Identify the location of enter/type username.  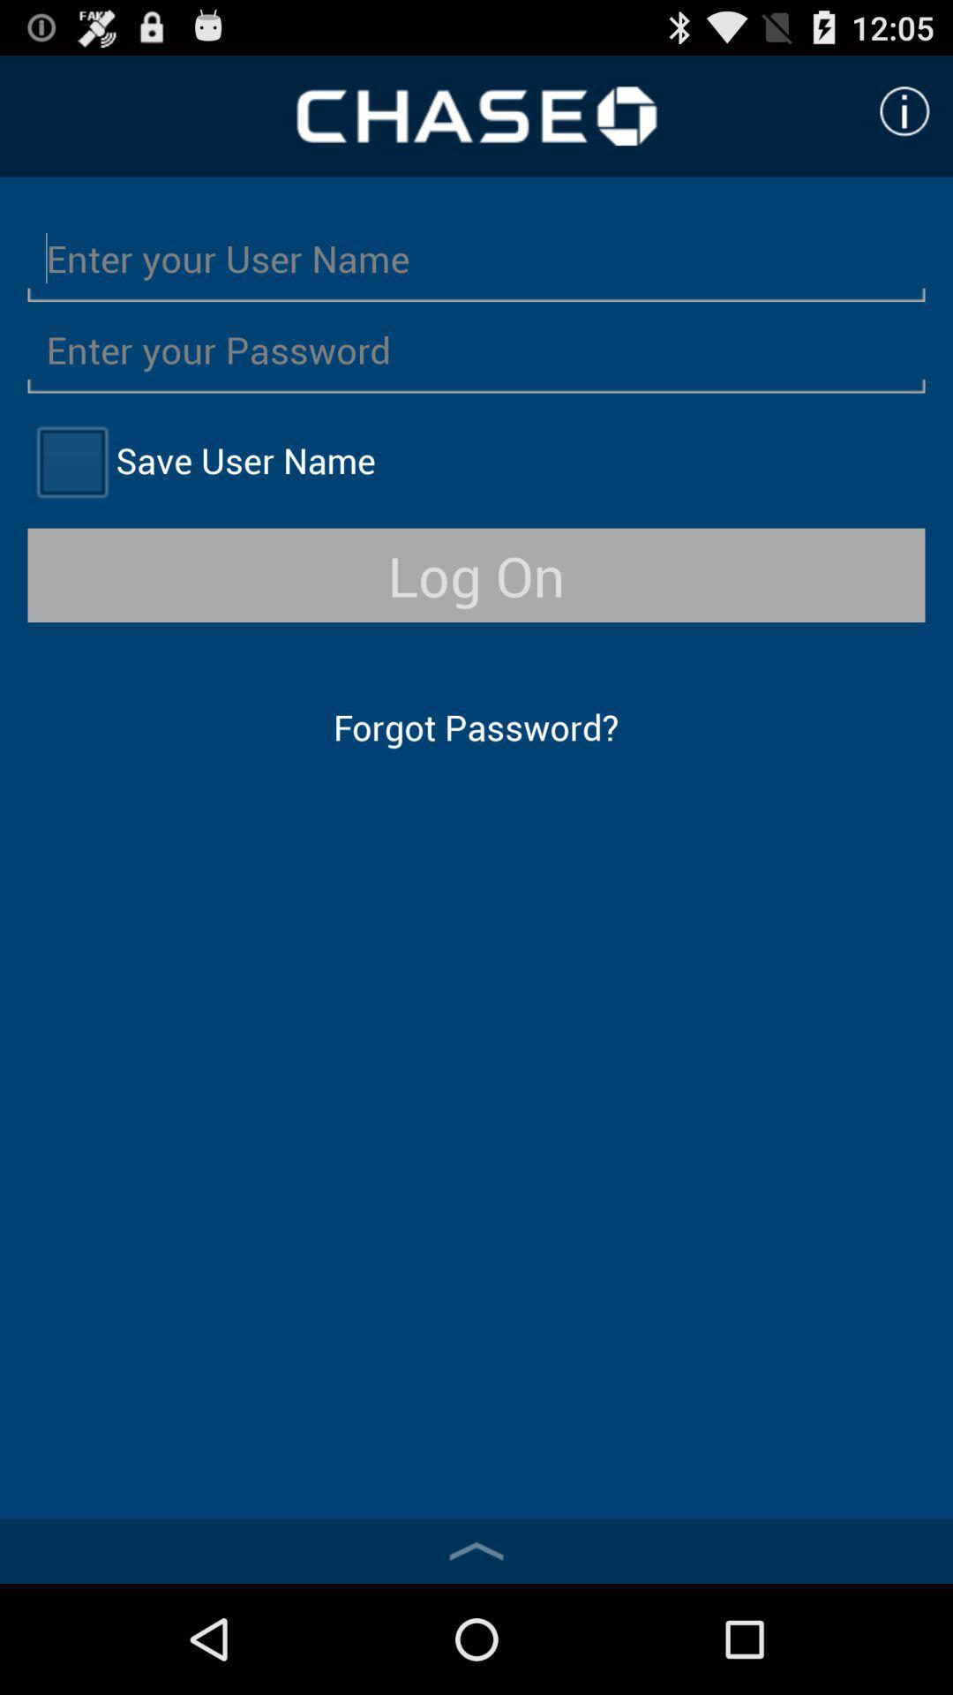
(476, 257).